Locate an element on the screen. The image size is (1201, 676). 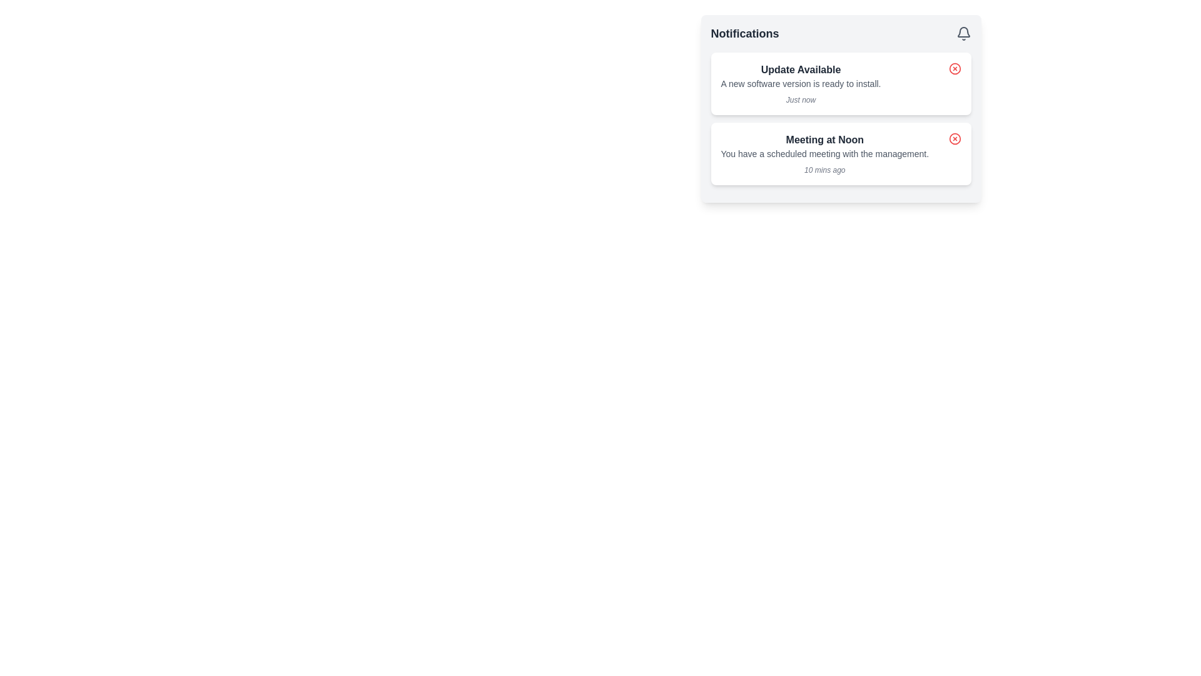
the text element that provides details about a scheduled meeting, located below 'Meeting at Noon' and above the timestamp '10 mins ago' in the second notification item is located at coordinates (824, 153).